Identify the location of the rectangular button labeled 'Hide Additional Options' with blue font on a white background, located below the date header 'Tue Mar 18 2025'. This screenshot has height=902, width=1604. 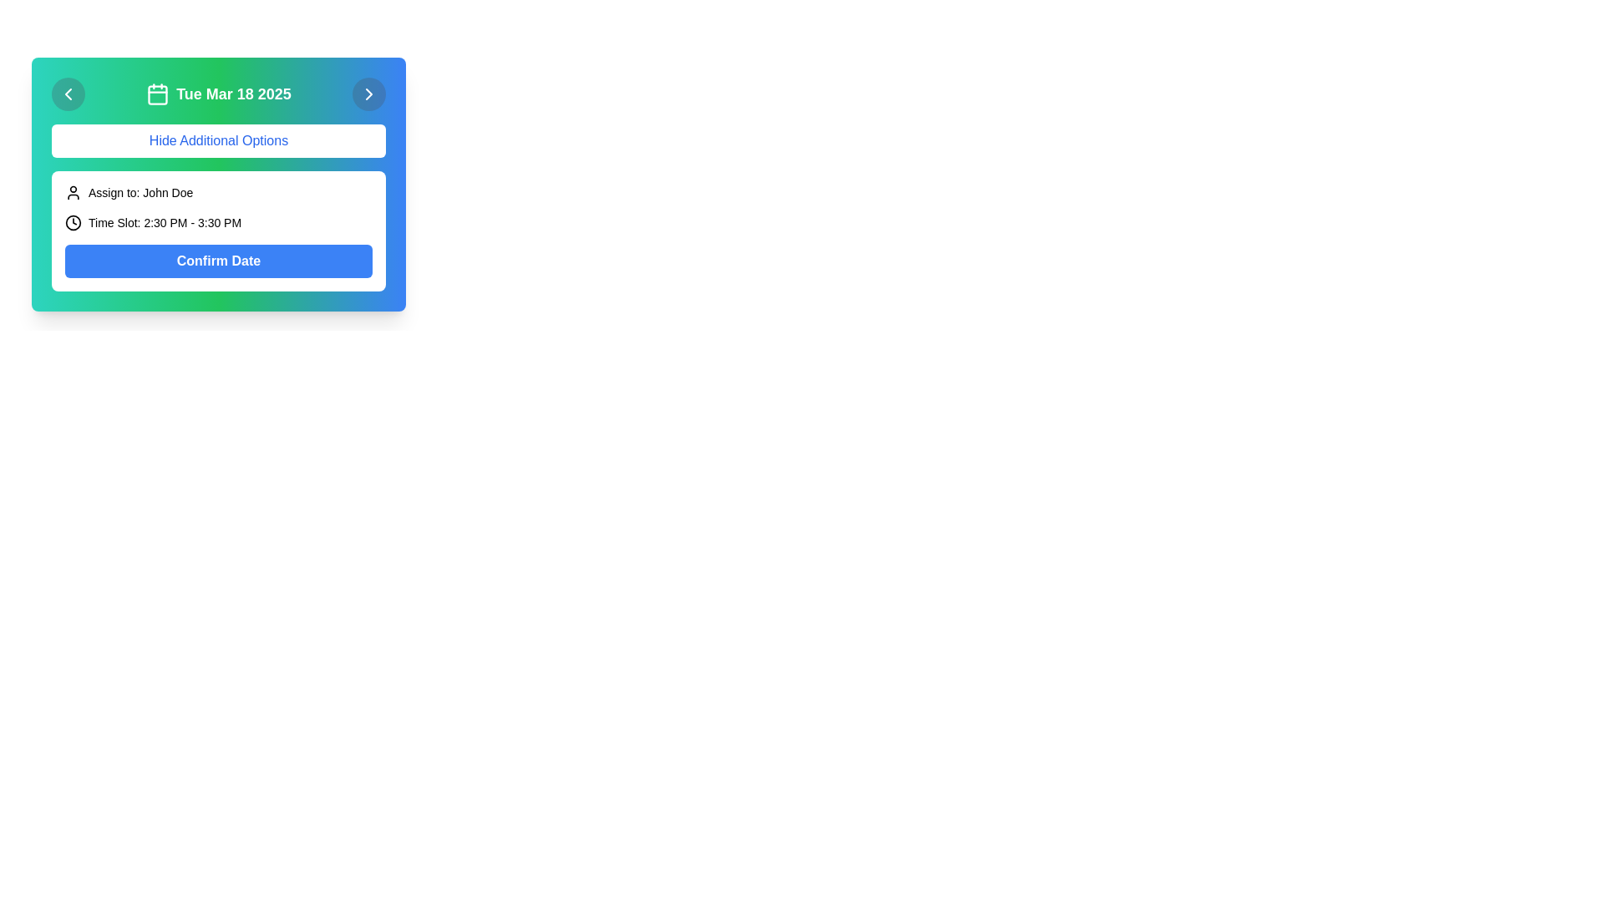
(218, 140).